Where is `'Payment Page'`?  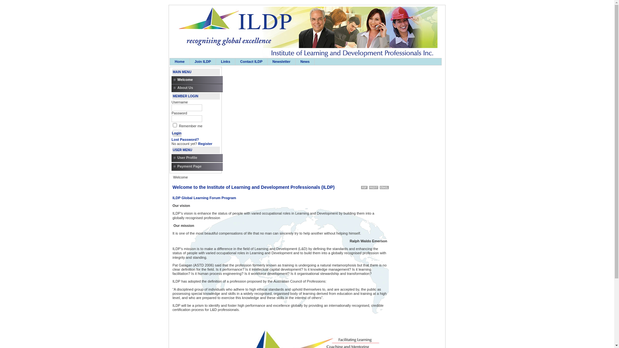 'Payment Page' is located at coordinates (198, 166).